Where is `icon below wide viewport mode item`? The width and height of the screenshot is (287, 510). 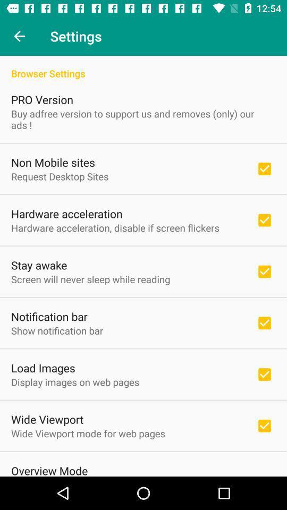 icon below wide viewport mode item is located at coordinates (49, 469).